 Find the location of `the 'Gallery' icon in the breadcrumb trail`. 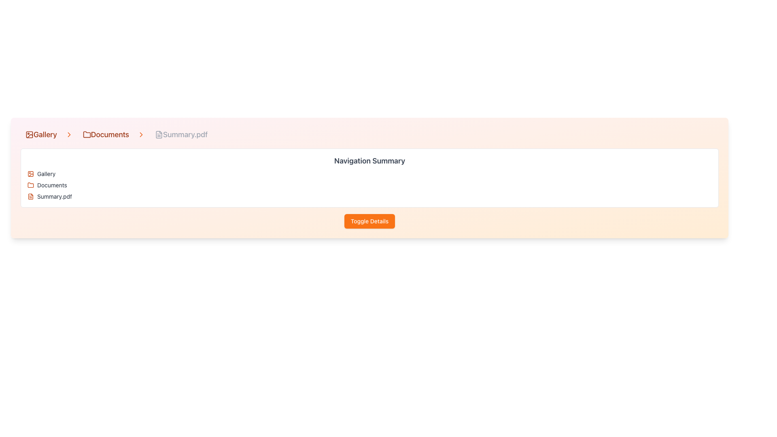

the 'Gallery' icon in the breadcrumb trail is located at coordinates (29, 134).